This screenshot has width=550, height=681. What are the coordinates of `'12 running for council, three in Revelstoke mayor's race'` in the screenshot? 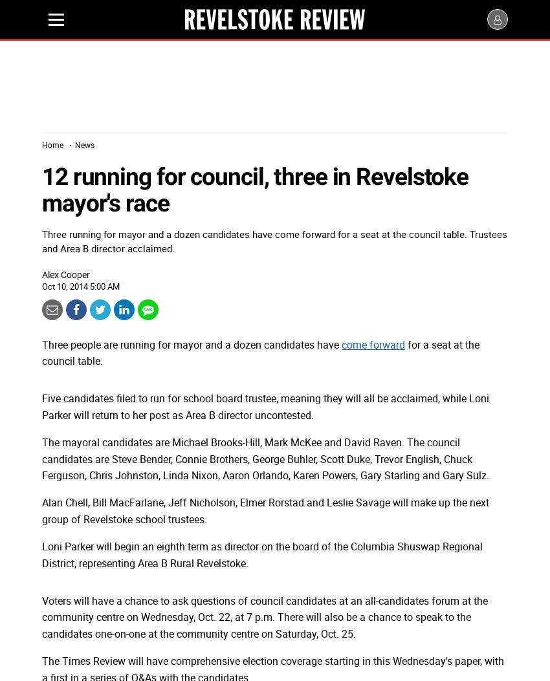 It's located at (255, 189).